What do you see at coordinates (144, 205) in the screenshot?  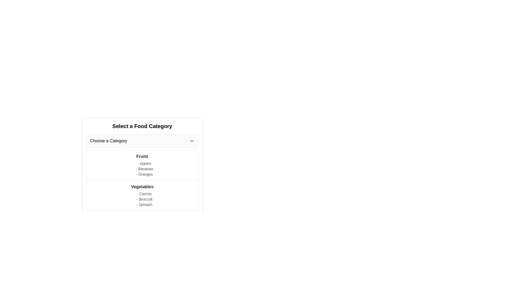 I see `text representing 'Spinach' in the 'Vegetables' list, which is the third item in the vertical order` at bounding box center [144, 205].